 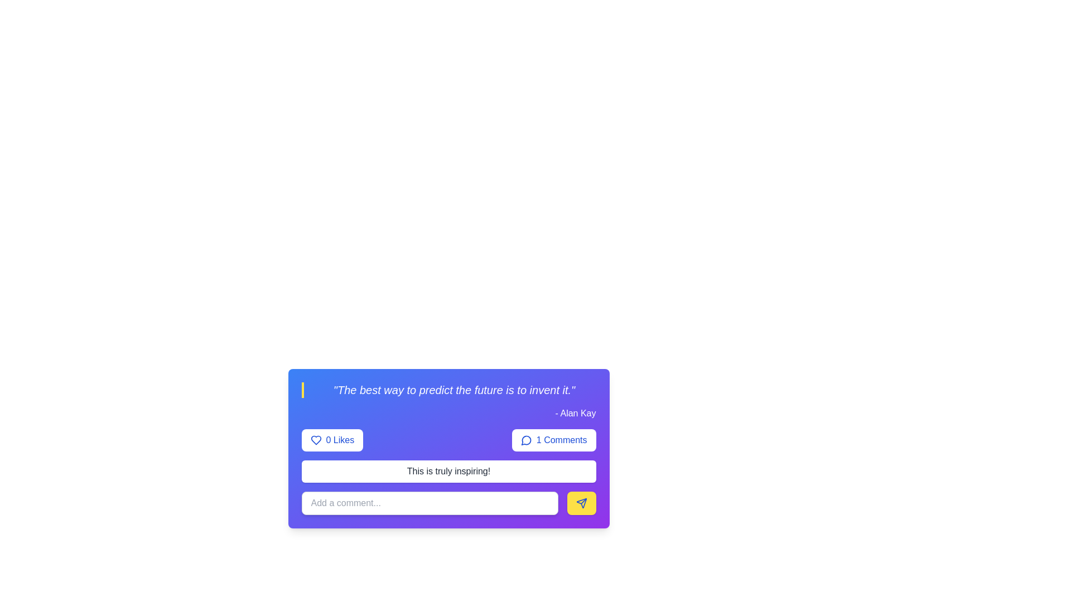 What do you see at coordinates (562, 440) in the screenshot?
I see `the interactive button containing the text '1 Comments' displayed in bold blue font, which is located next to the '0 Likes' button` at bounding box center [562, 440].